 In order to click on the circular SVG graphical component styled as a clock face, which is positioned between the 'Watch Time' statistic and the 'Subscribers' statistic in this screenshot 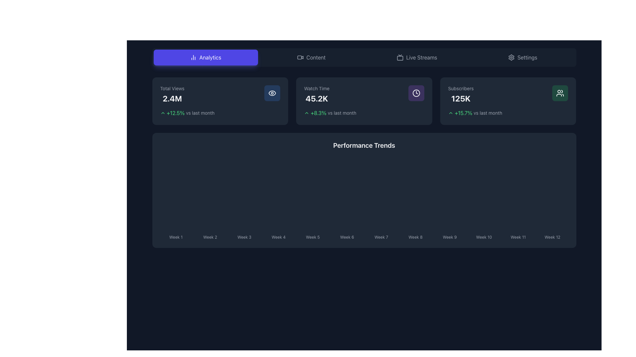, I will do `click(416, 93)`.